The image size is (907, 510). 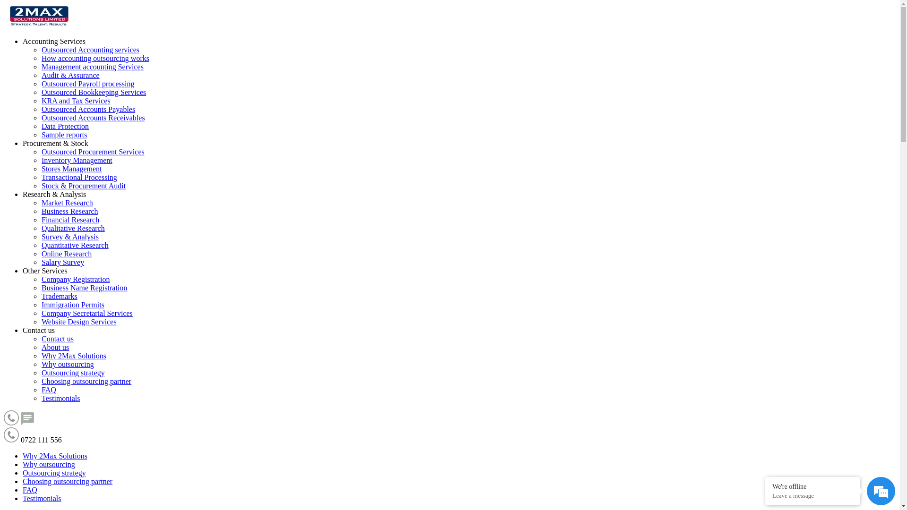 I want to click on 'Research & Analysis', so click(x=23, y=194).